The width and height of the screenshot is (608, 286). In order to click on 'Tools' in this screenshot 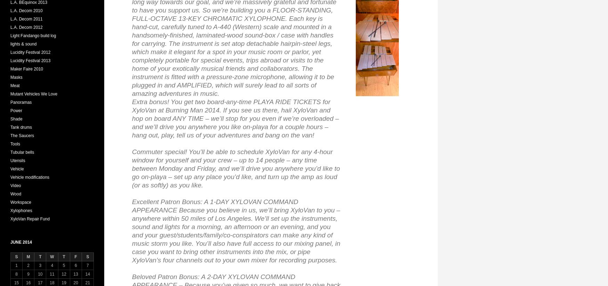, I will do `click(15, 143)`.